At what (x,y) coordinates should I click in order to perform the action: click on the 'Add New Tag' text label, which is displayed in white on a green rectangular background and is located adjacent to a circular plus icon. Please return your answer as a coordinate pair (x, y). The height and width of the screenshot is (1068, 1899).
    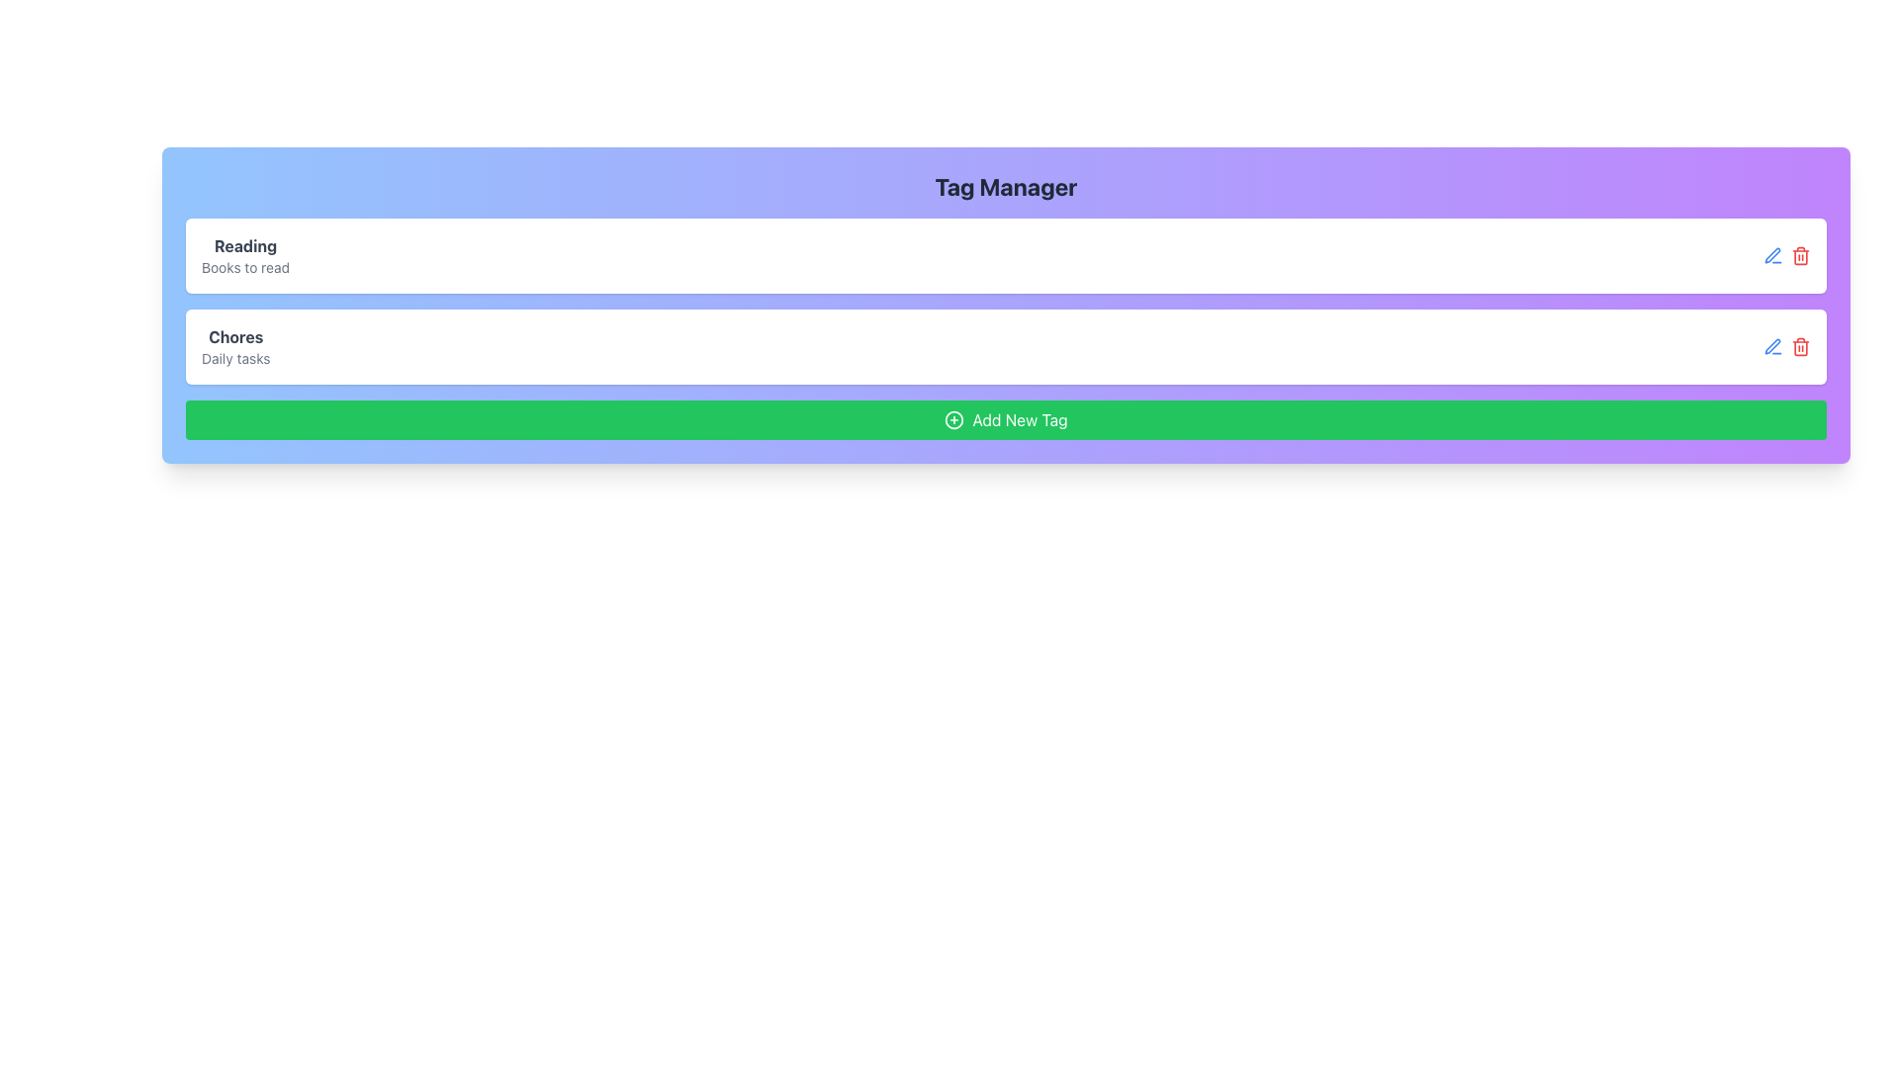
    Looking at the image, I should click on (1020, 418).